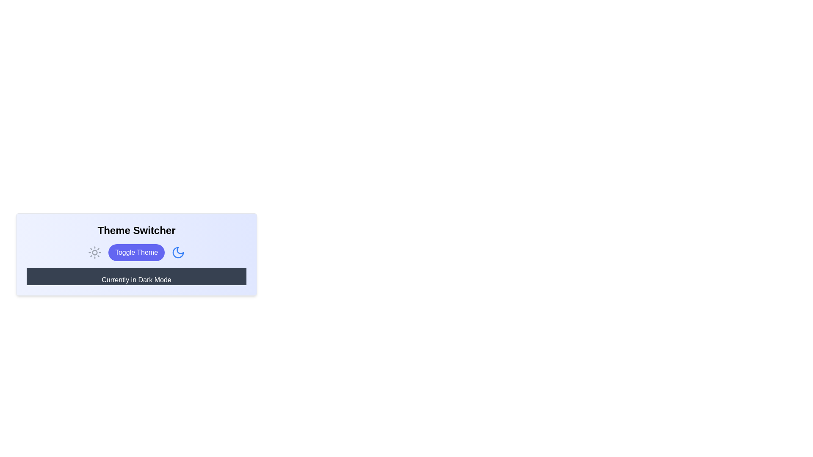 The image size is (813, 457). I want to click on the 'Toggle Theme' button with a vibrant blue background, located near the center of the 'Theme Switcher' box, so click(136, 252).